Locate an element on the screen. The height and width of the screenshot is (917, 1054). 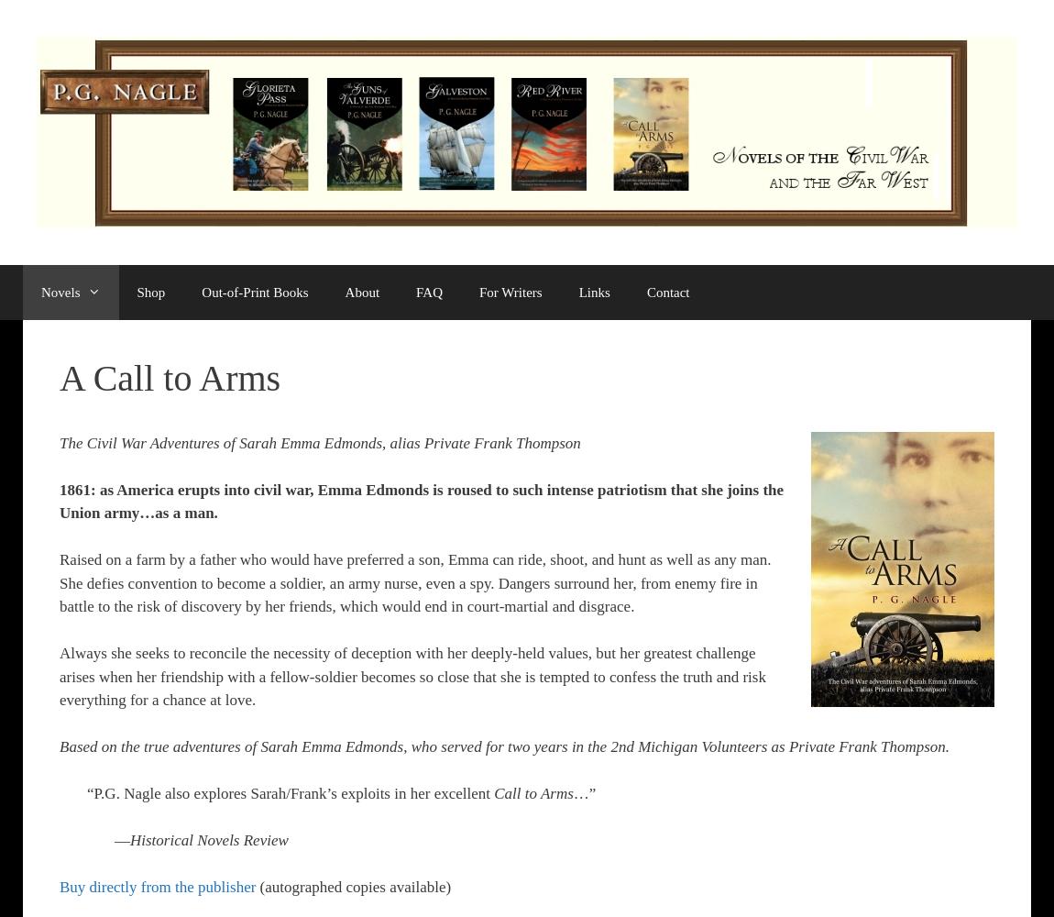
'Raised on a farm by a father who would have preferred a son, Emma can ride, shoot, and hunt as well as any man. She defies convention to become a soldier, an army nurse, even a spy. Dangers surround her, from enemy fire in battle to the risk of discovery by her friends, which would end in court-martial and disgrace.' is located at coordinates (58, 583).